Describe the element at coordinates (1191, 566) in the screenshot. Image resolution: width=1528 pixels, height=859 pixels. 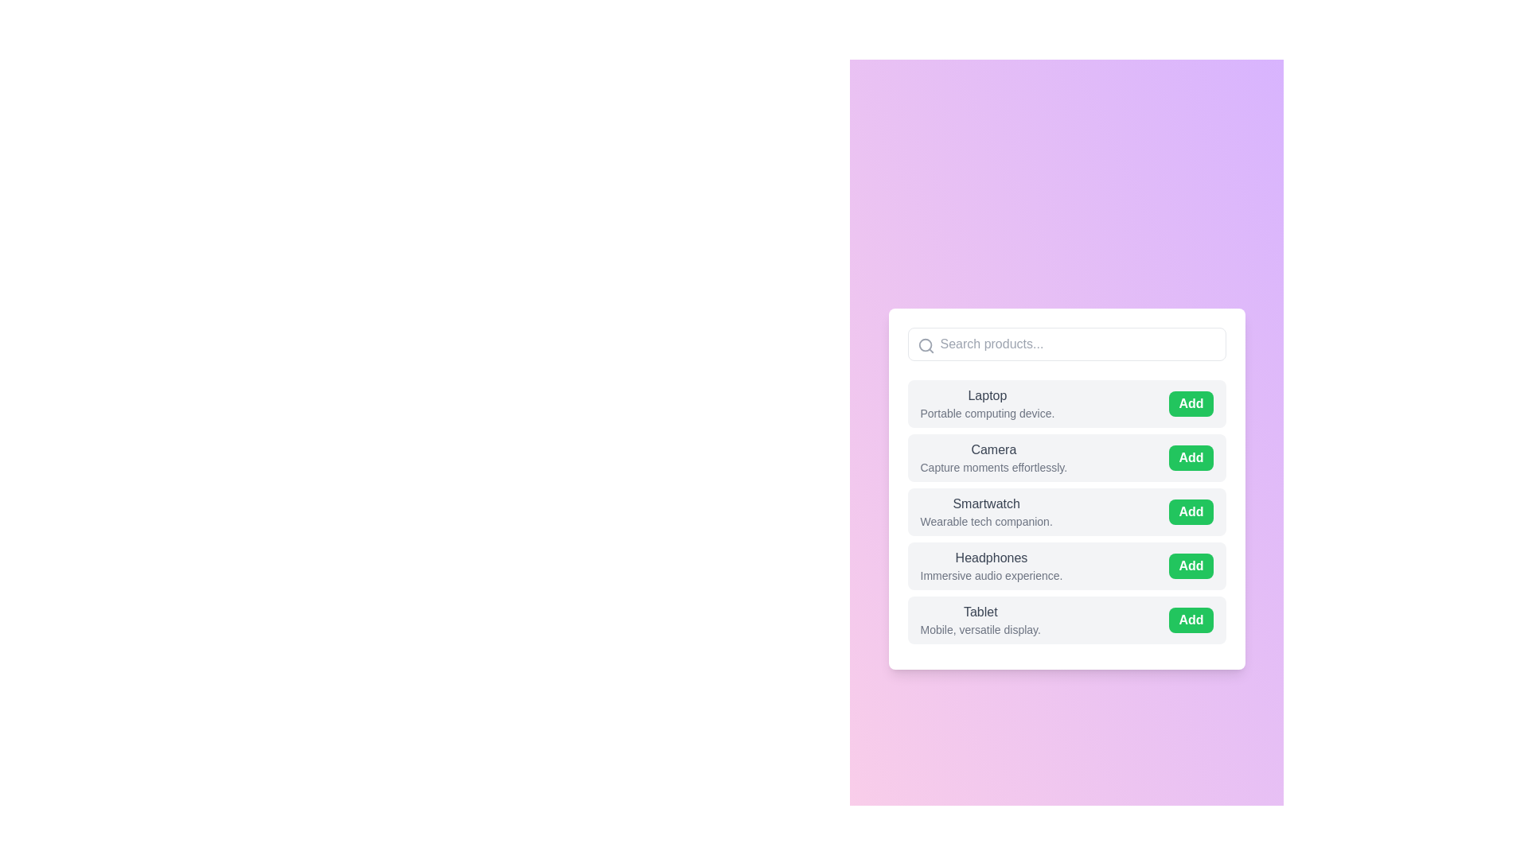
I see `the button located on the right side of the row containing 'Headphones' and 'Immersive audio experience'` at that location.